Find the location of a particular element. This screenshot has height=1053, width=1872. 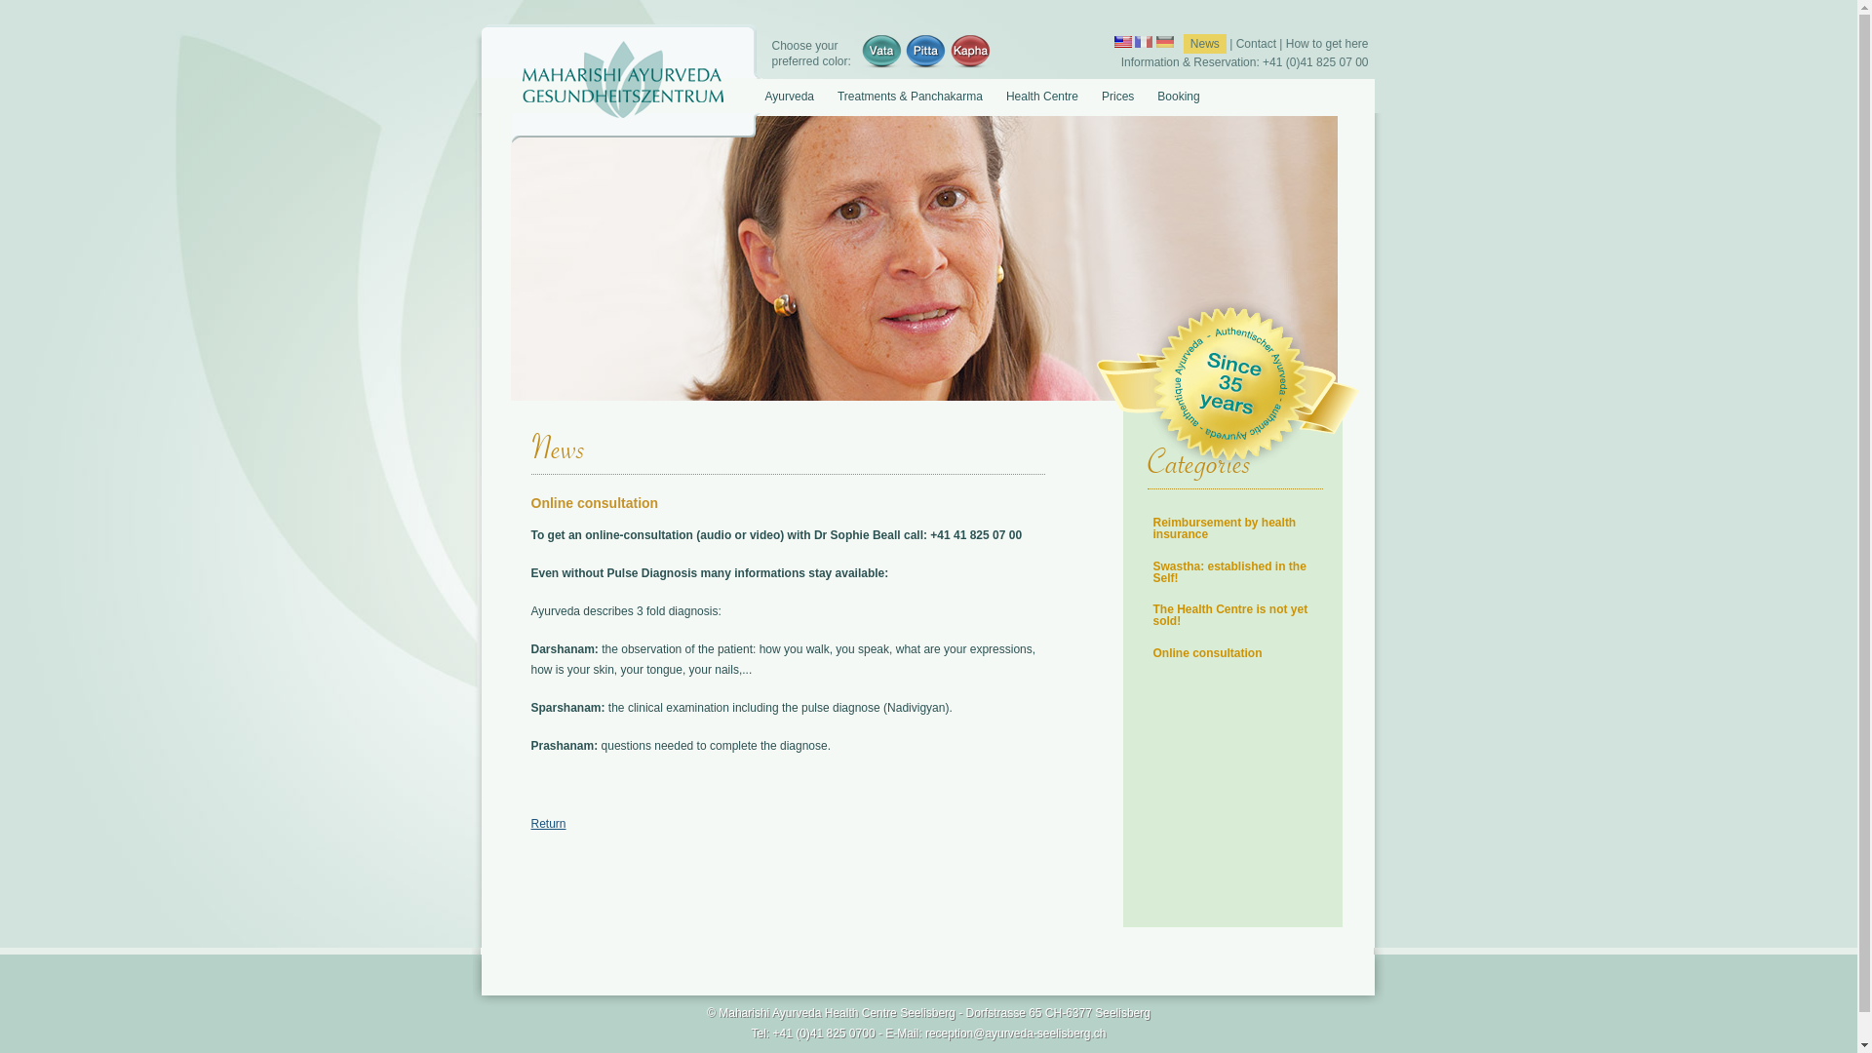

'Booking' is located at coordinates (1145, 96).